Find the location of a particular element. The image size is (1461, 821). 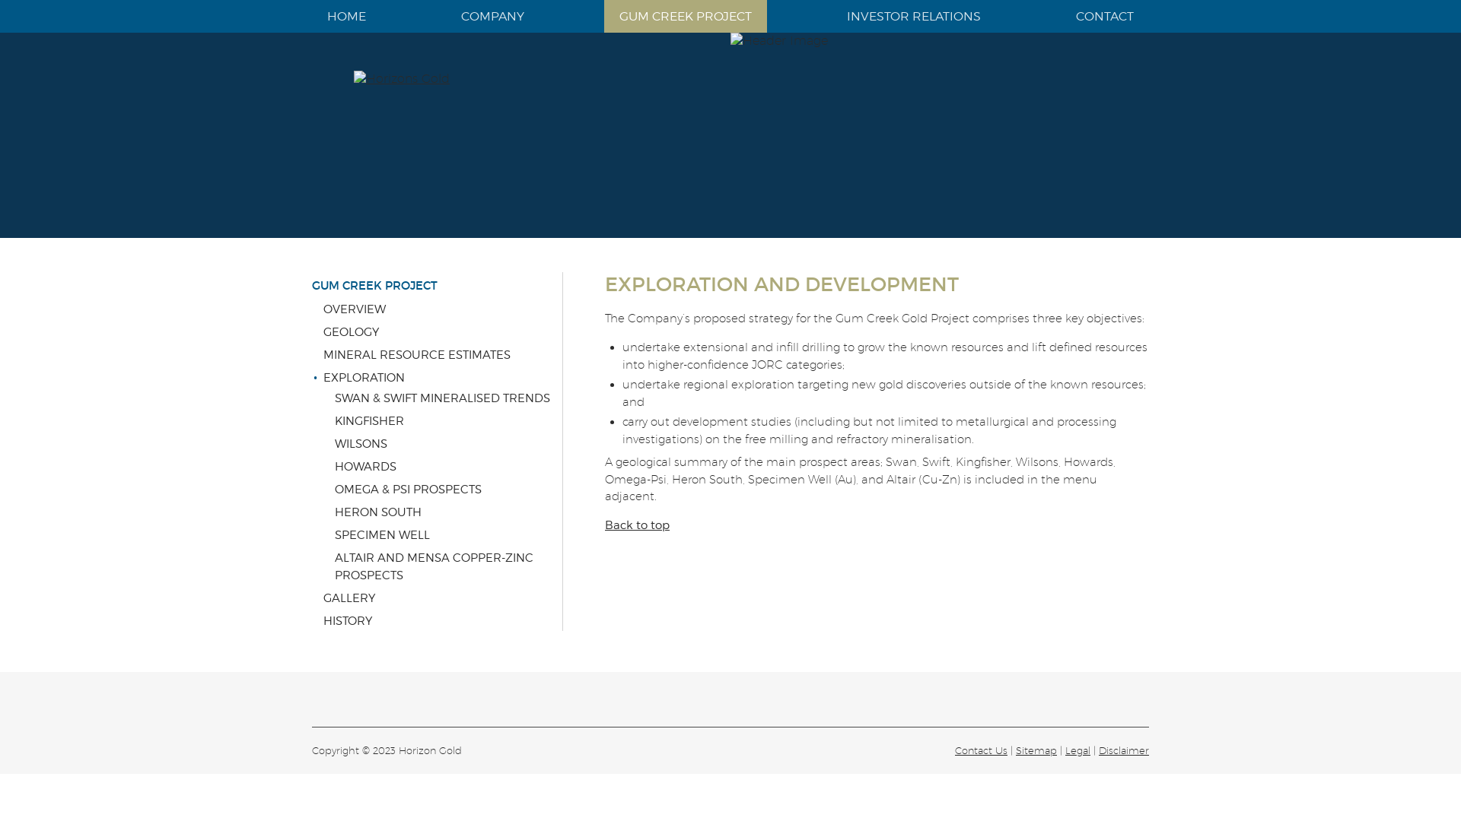

'COMPANY' is located at coordinates (492, 16).